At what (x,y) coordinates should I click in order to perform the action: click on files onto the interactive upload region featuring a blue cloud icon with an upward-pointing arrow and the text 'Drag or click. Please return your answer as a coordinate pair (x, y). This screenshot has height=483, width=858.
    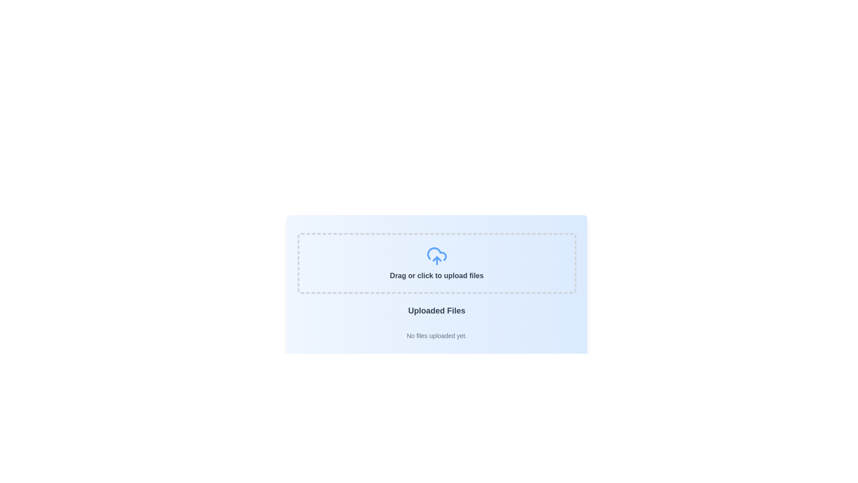
    Looking at the image, I should click on (437, 263).